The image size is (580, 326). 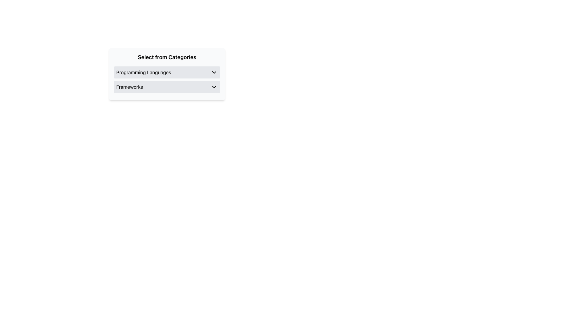 What do you see at coordinates (214, 87) in the screenshot?
I see `the chevron icon button located on the far right of the 'Frameworks' dropdown header bar to trigger a tooltip or visual response` at bounding box center [214, 87].